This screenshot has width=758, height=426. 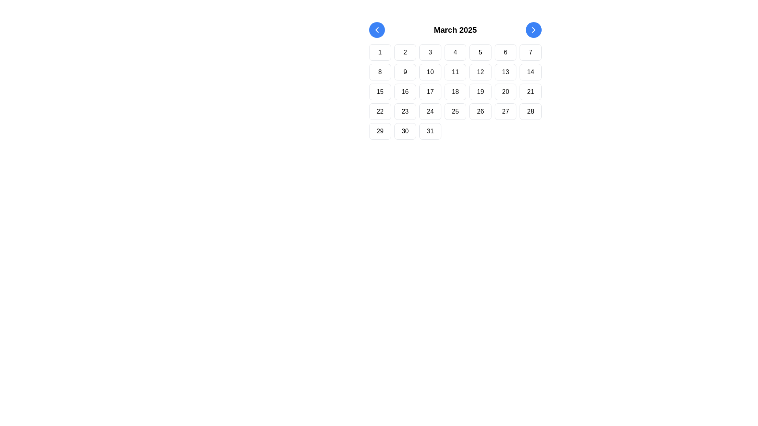 I want to click on the rounded rectangular button labeled '19' in the third row and fifth column of the March 2025 calendar, so click(x=480, y=91).